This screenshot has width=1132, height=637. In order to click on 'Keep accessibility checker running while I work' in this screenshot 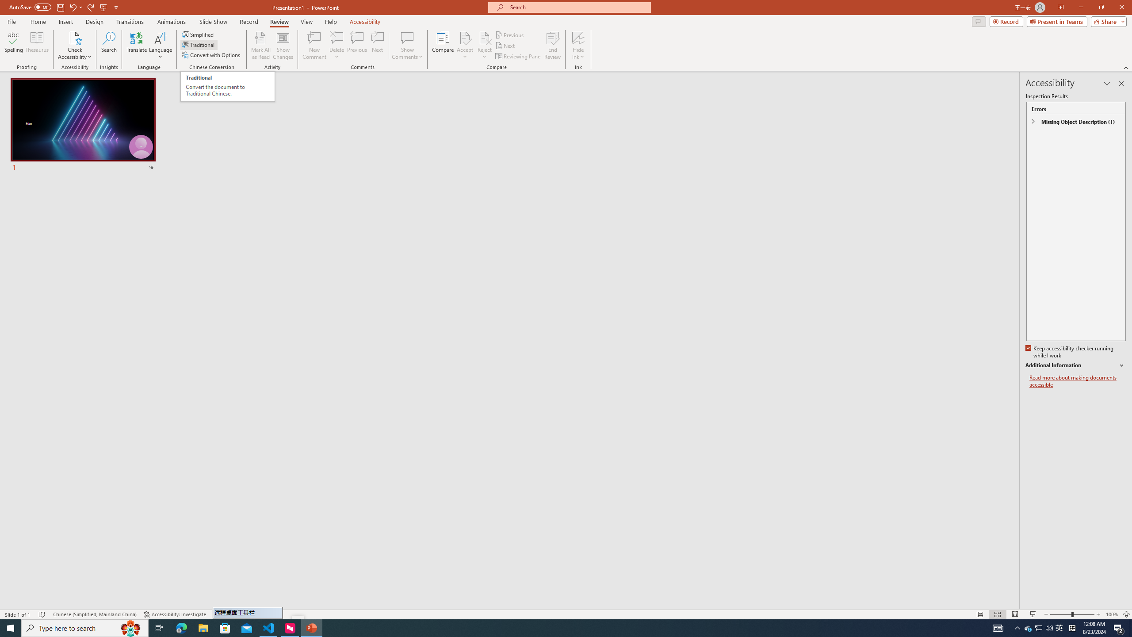, I will do `click(1070, 352)`.